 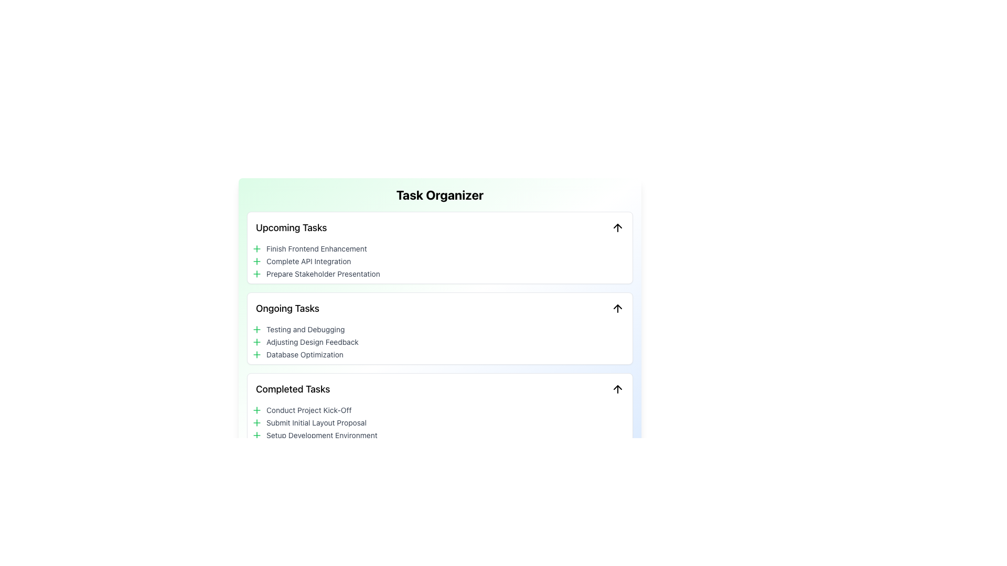 What do you see at coordinates (256, 260) in the screenshot?
I see `the green-colored plus icon that is styled with a stroke and is located in front of the label 'Complete API Integration' to initiate adding a related task` at bounding box center [256, 260].